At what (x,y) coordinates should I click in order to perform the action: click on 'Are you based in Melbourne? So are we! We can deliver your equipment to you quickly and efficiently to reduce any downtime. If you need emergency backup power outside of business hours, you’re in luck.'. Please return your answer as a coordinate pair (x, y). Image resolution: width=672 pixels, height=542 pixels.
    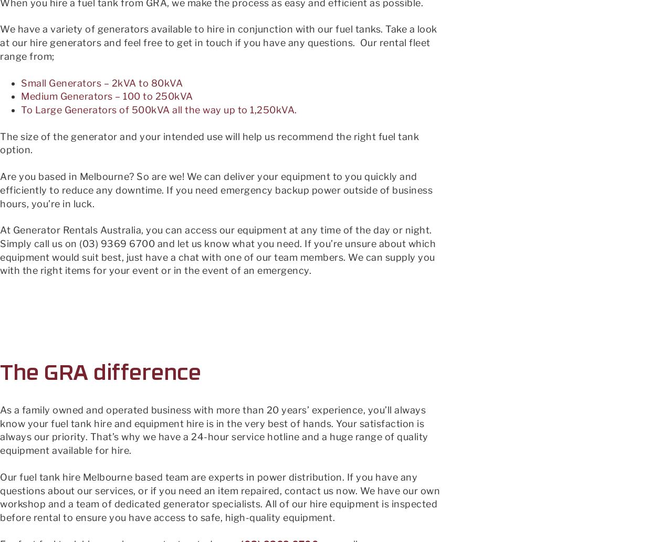
    Looking at the image, I should click on (216, 189).